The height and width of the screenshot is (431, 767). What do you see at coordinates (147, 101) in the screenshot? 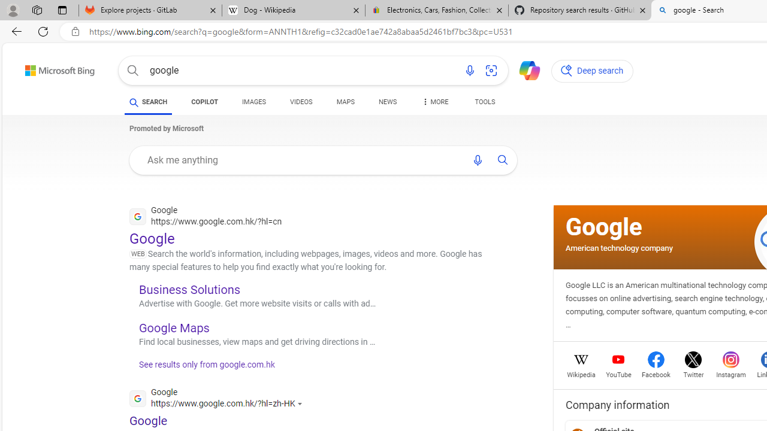
I see `'SEARCH'` at bounding box center [147, 101].